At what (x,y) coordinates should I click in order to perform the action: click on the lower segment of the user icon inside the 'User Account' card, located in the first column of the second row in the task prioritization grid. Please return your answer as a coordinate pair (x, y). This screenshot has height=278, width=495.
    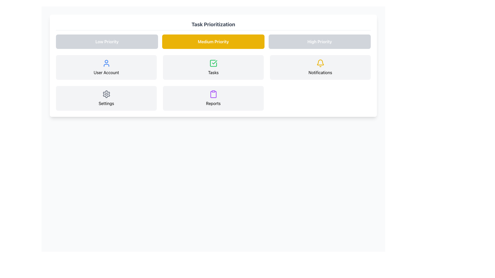
    Looking at the image, I should click on (106, 65).